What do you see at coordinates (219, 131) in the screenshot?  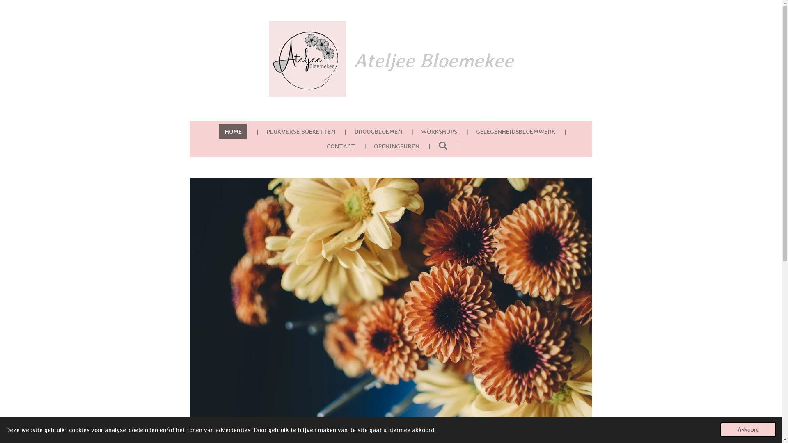 I see `'HOME'` at bounding box center [219, 131].